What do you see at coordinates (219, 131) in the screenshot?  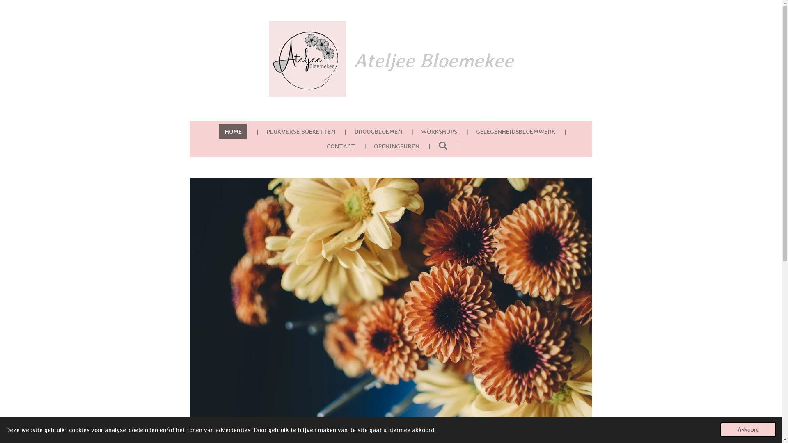 I see `'HOME'` at bounding box center [219, 131].